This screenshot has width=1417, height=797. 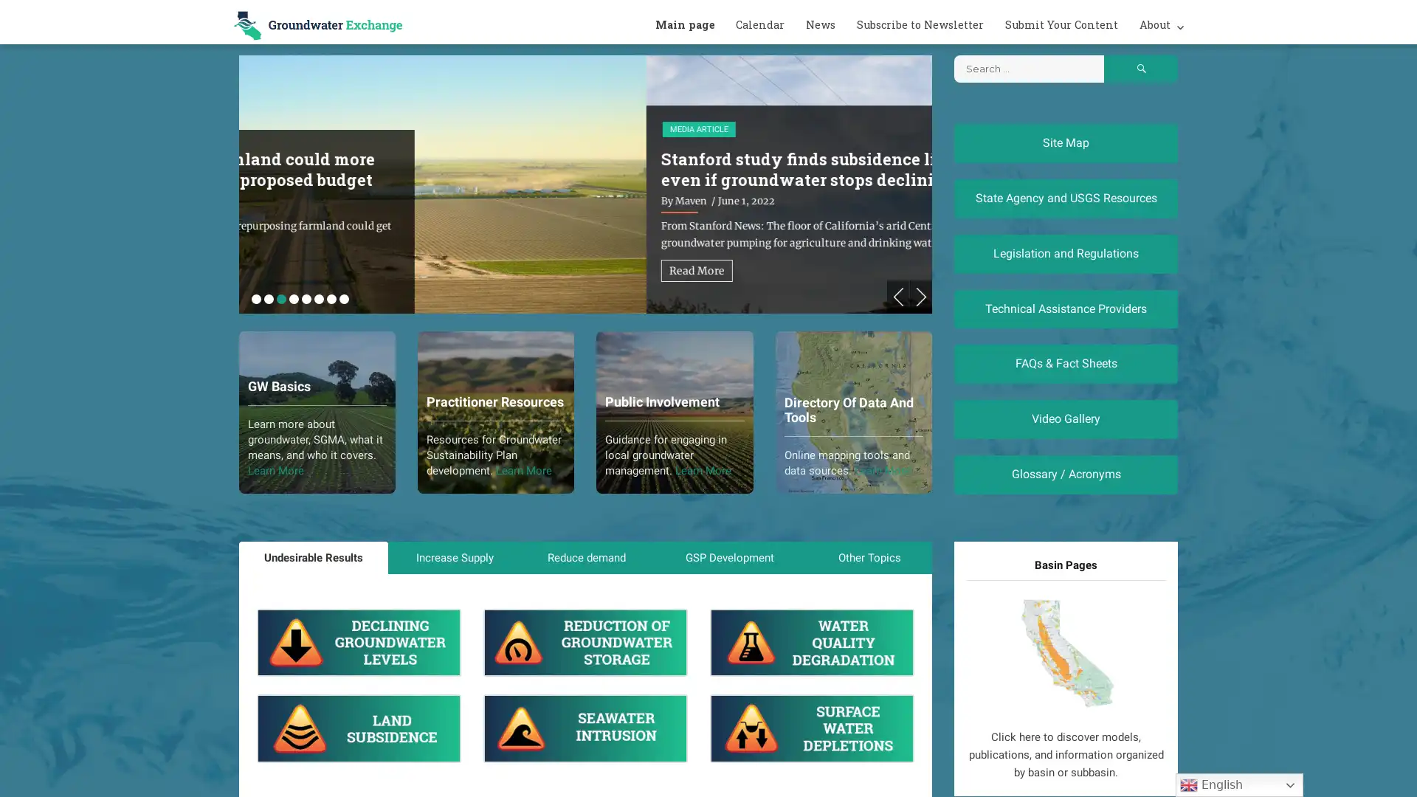 I want to click on Previous, so click(x=897, y=297).